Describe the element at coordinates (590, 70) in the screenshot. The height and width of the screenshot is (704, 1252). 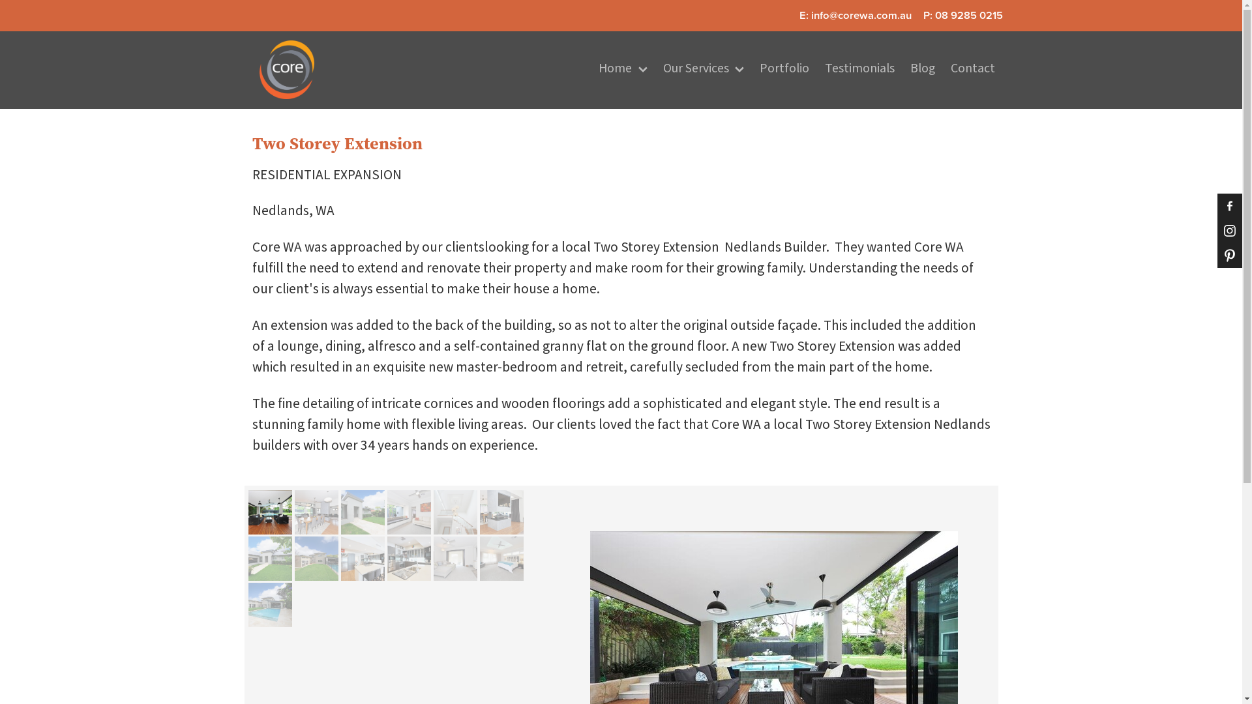
I see `'Home'` at that location.